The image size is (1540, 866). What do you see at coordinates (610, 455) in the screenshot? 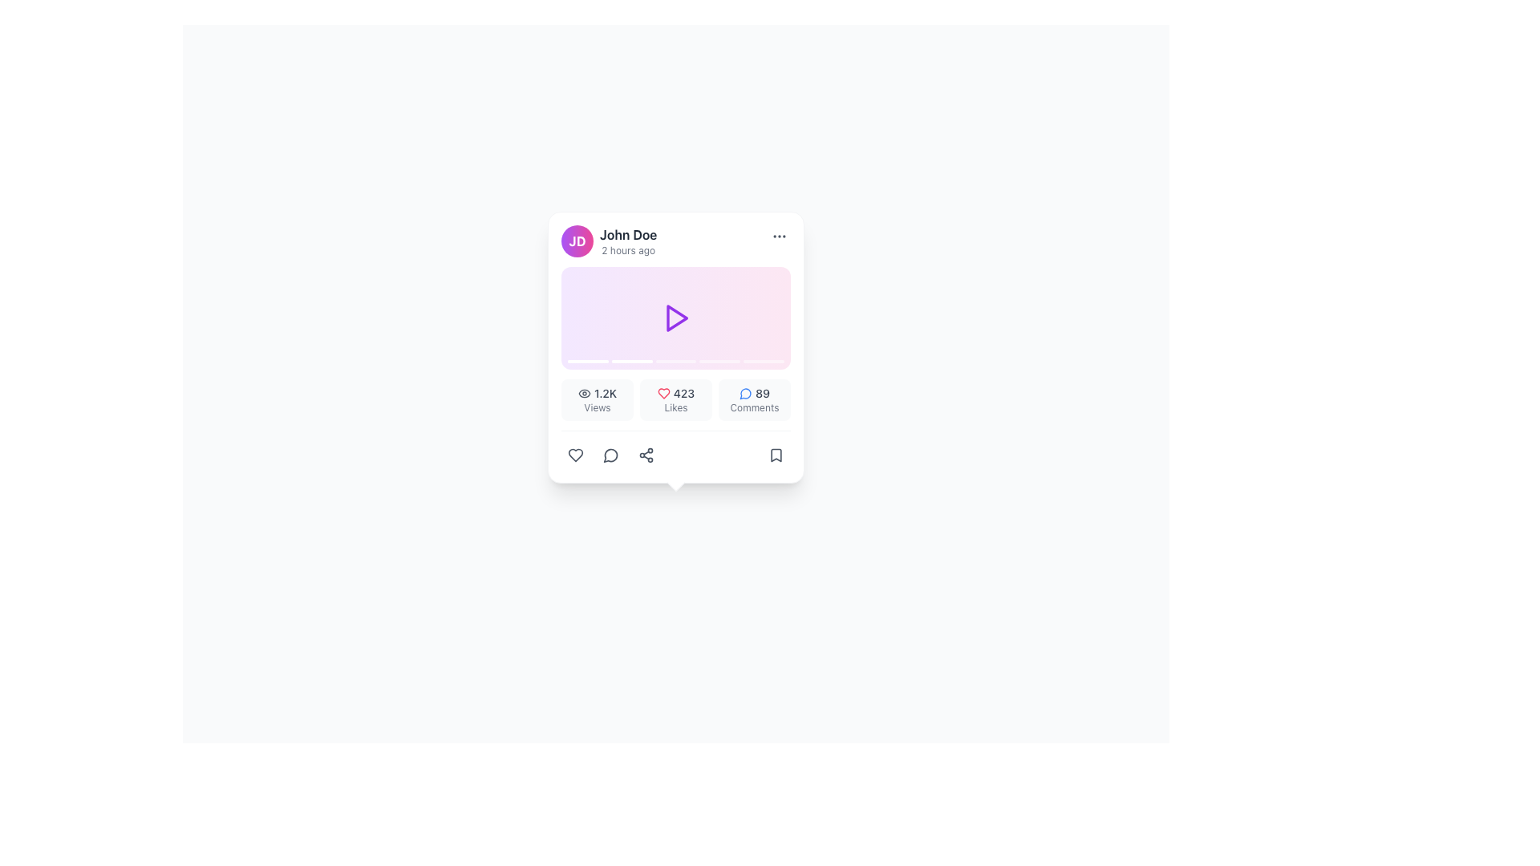
I see `the circular chat or message icon button, which is gray with a thick stroke outline, located at the bottom of the card` at bounding box center [610, 455].